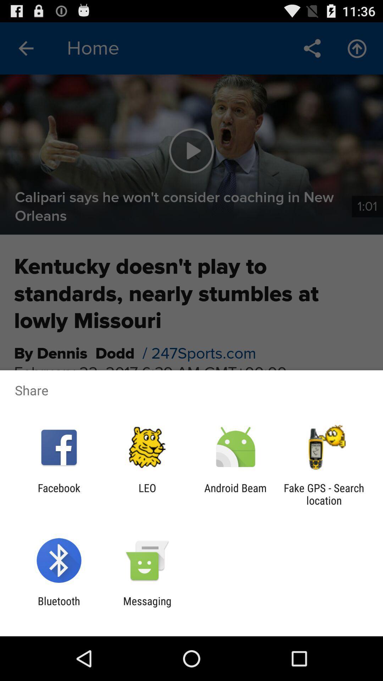 This screenshot has height=681, width=383. I want to click on icon to the right of leo icon, so click(235, 494).